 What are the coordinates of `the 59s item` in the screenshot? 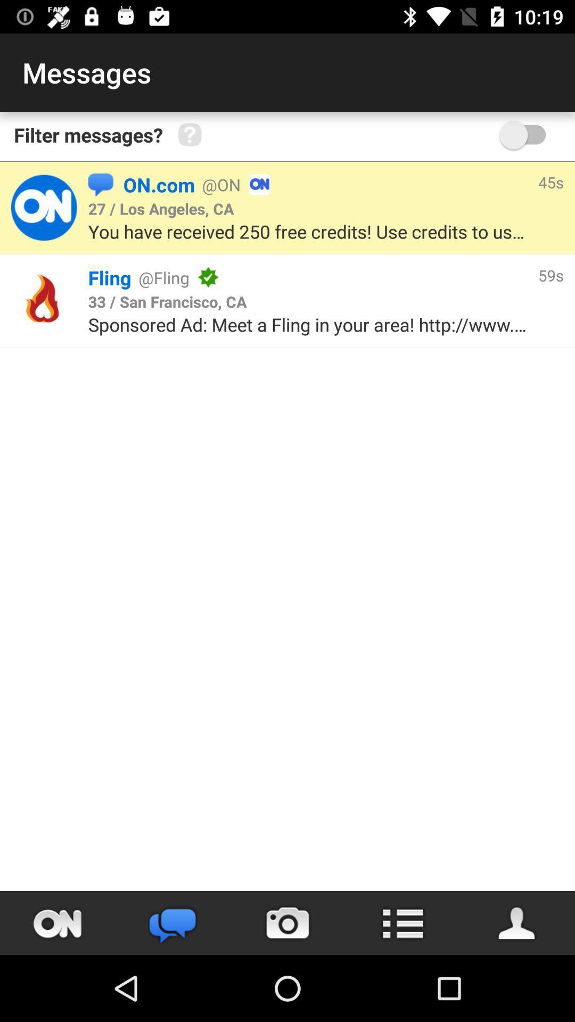 It's located at (551, 275).